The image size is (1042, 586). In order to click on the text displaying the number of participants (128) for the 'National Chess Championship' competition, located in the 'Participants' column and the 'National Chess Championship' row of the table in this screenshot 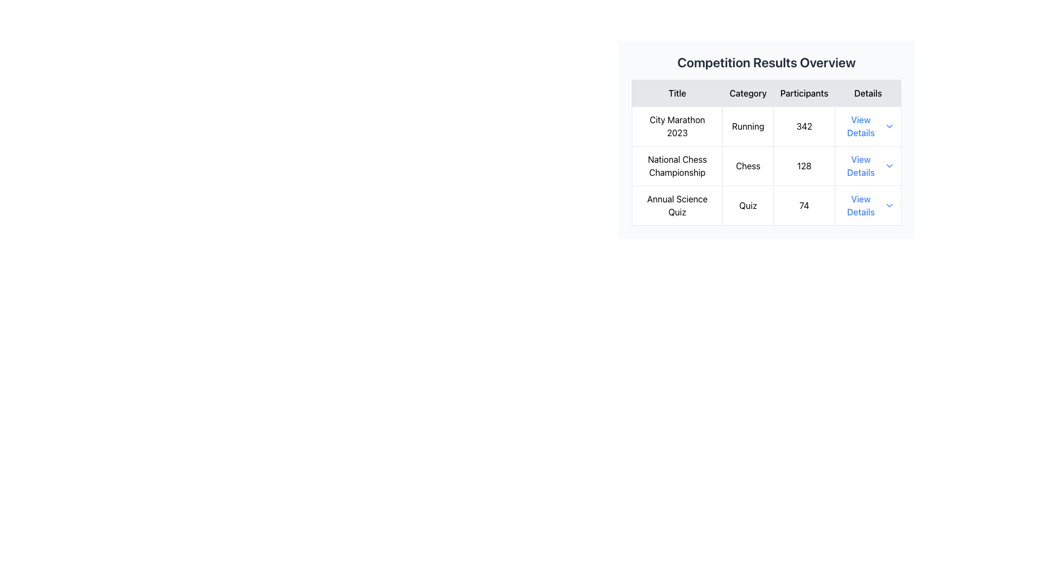, I will do `click(804, 165)`.